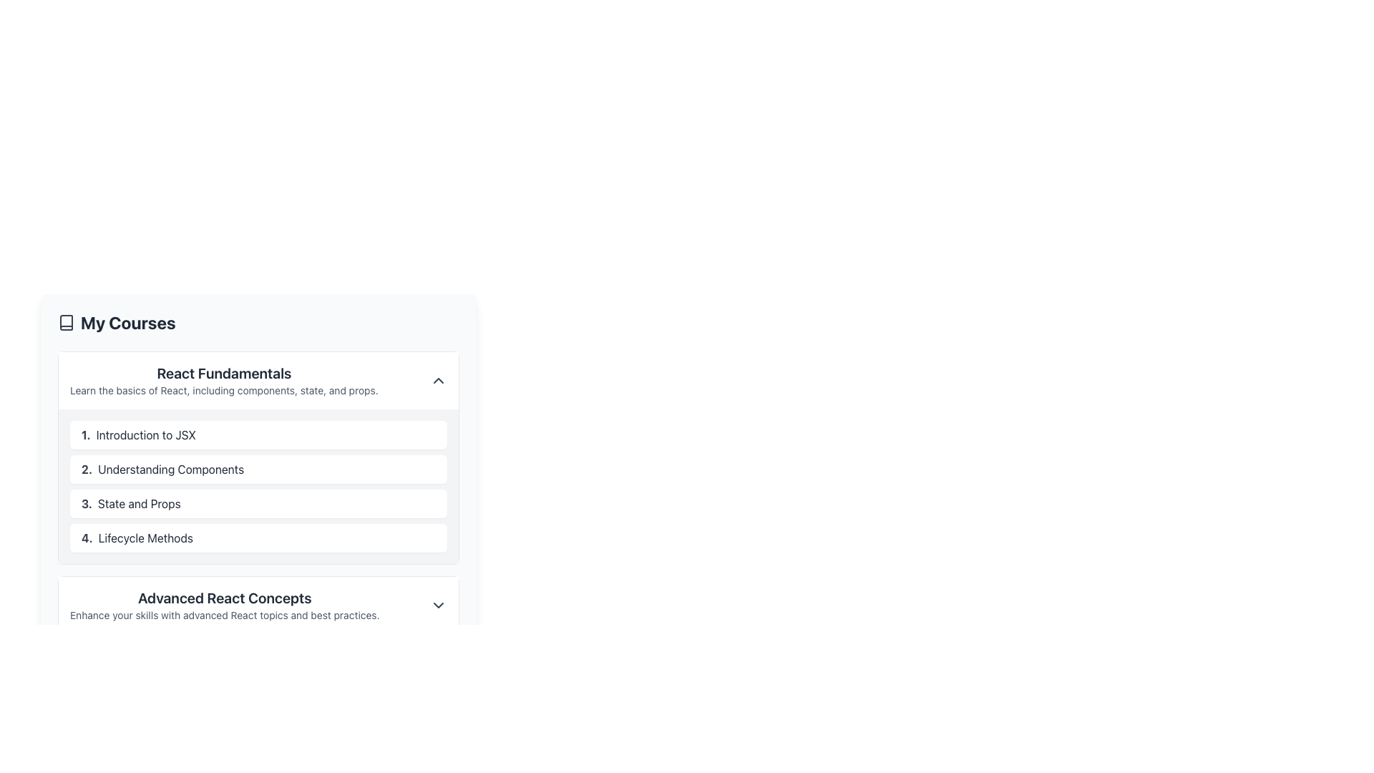 This screenshot has height=773, width=1374. I want to click on the button labeled '2. Understanding Components' which is the second item in the list under the 'React Fundamentals' section, so click(258, 469).